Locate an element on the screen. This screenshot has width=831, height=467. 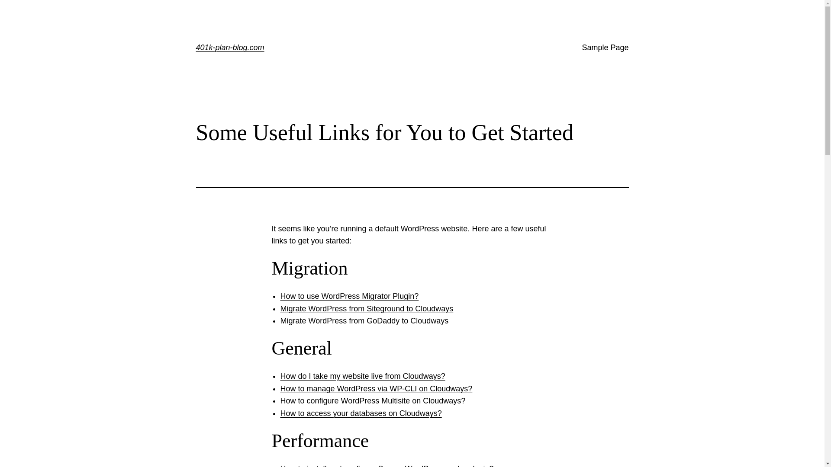
'How to configure WordPress Multisite on Cloudways?' is located at coordinates (373, 400).